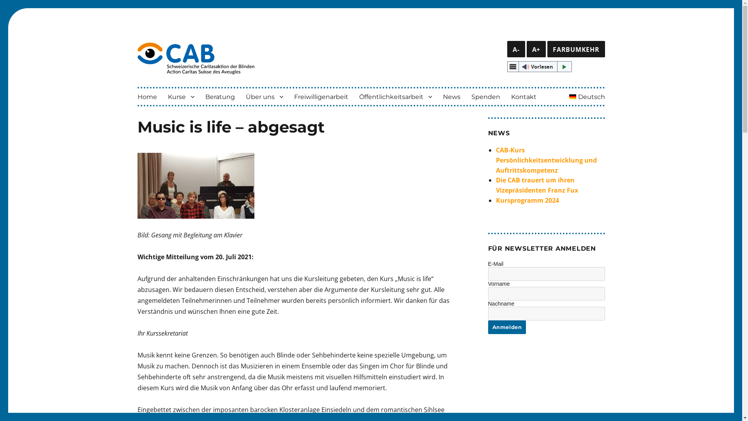  What do you see at coordinates (539, 66) in the screenshot?
I see `'Vorlesen'` at bounding box center [539, 66].